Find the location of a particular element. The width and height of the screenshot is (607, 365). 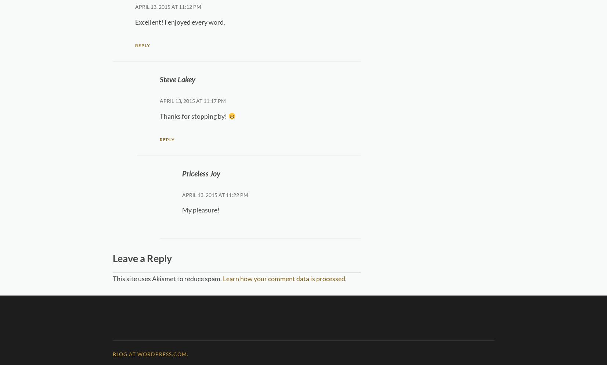

'Priceless Joy' is located at coordinates (200, 172).